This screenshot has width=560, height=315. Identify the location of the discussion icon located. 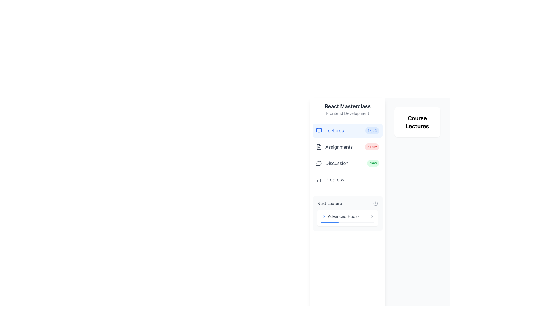
(318, 163).